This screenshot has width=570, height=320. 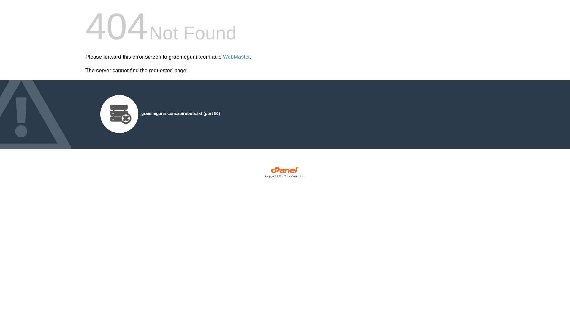 What do you see at coordinates (236, 57) in the screenshot?
I see `'WebMaster'` at bounding box center [236, 57].